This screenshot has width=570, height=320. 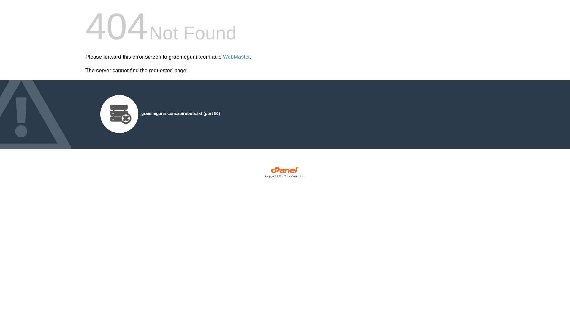 What do you see at coordinates (236, 57) in the screenshot?
I see `'WebMaster'` at bounding box center [236, 57].